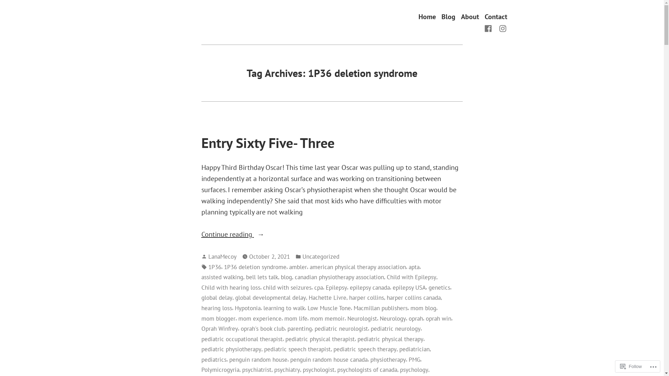 The height and width of the screenshot is (376, 669). I want to click on 'harper collins canada', so click(414, 298).